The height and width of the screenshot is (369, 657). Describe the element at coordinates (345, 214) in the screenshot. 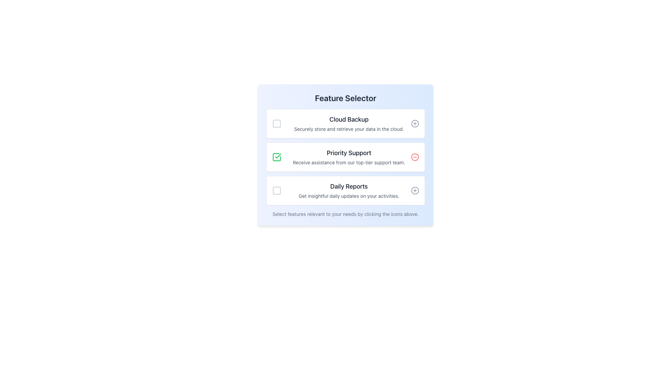

I see `the informational text label that reads 'Select features relevant to your needs by clicking the icons above.'` at that location.